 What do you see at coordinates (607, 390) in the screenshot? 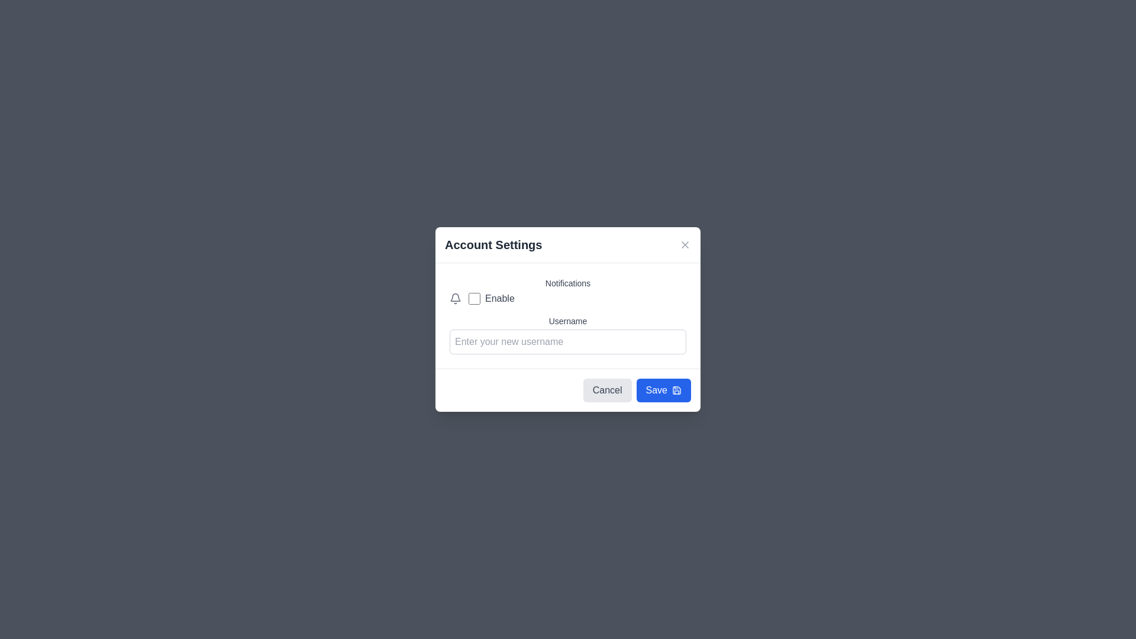
I see `the cancel button located on the bottom-right of the 'Account Settings' modal dialog` at bounding box center [607, 390].